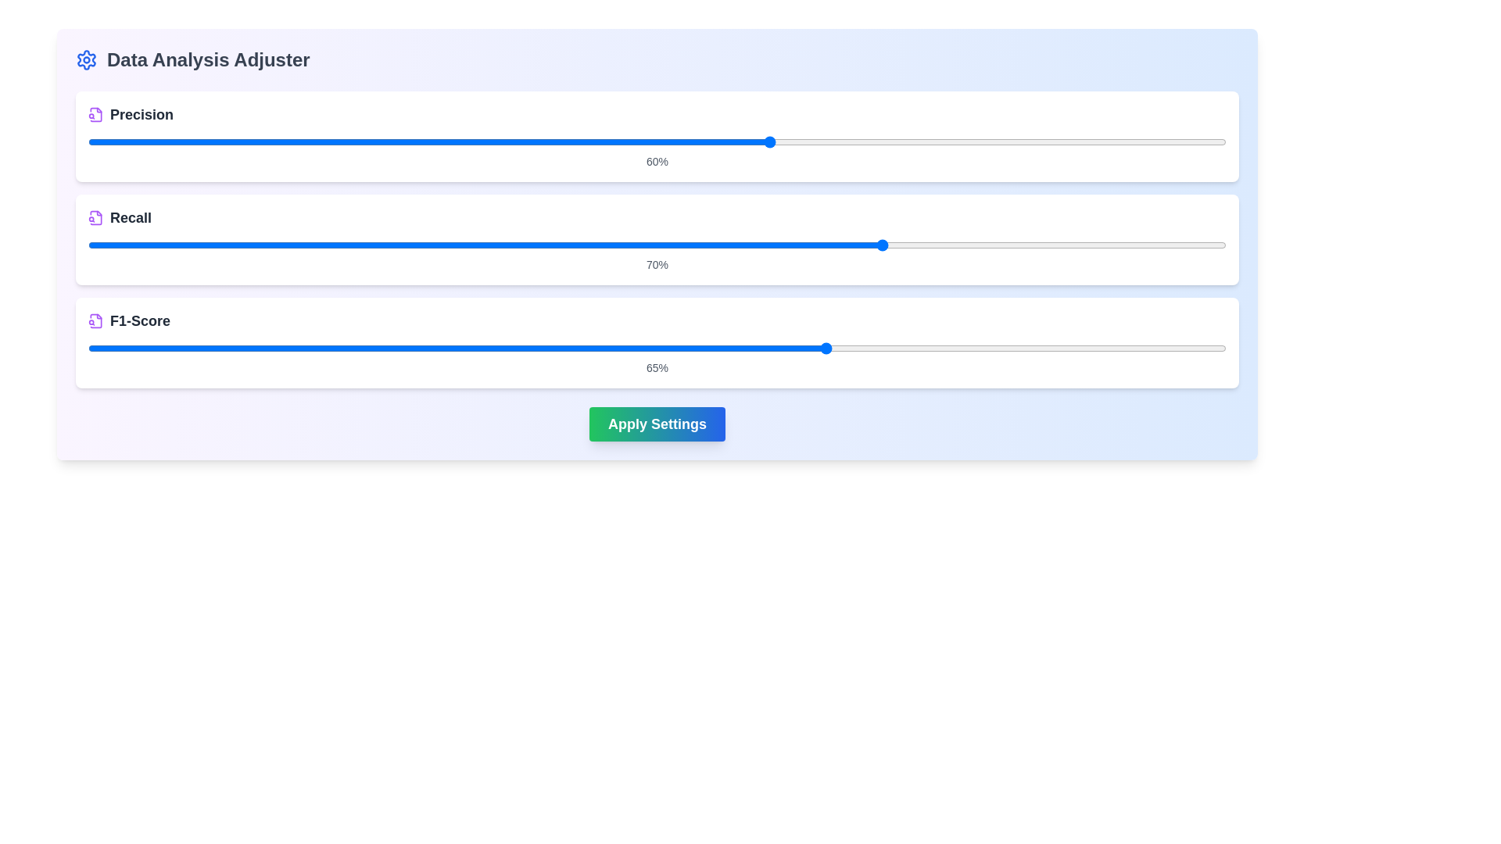 The height and width of the screenshot is (844, 1501). Describe the element at coordinates (657, 424) in the screenshot. I see `'Apply Settings' button` at that location.